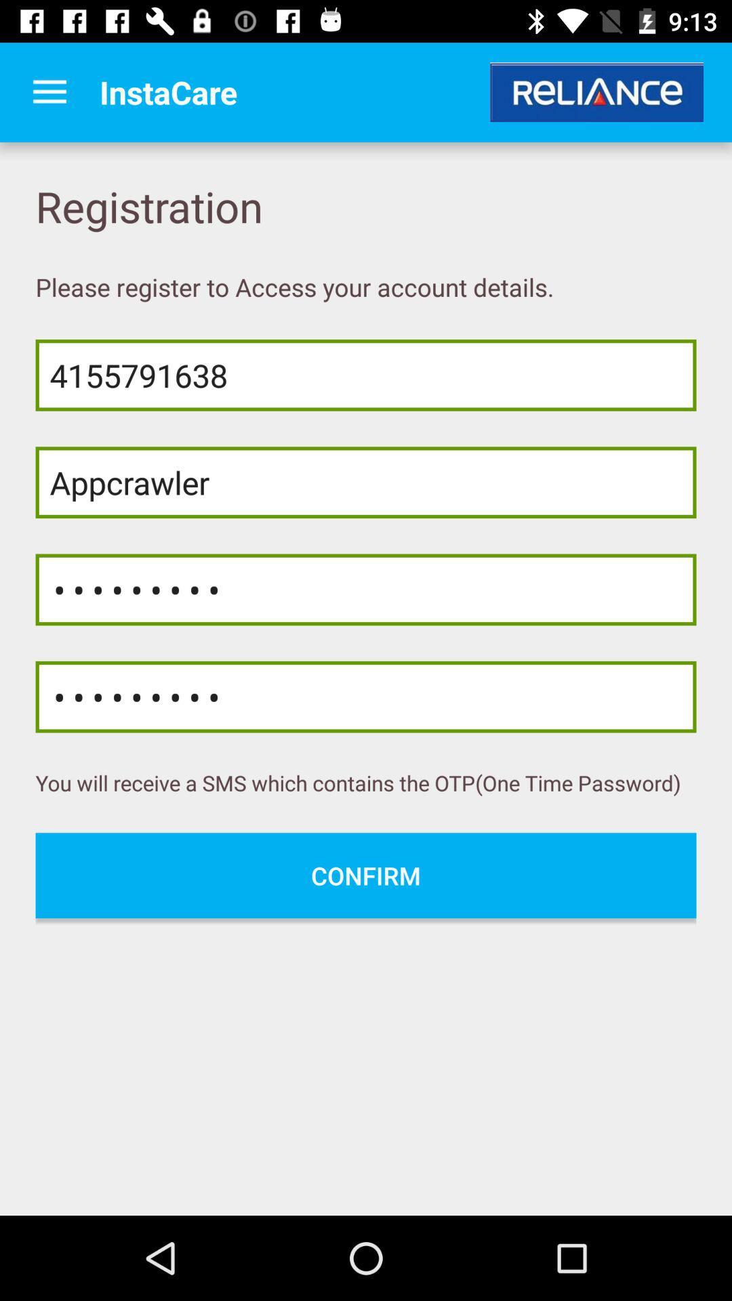 This screenshot has width=732, height=1301. I want to click on the item above the crowd3116, so click(366, 482).